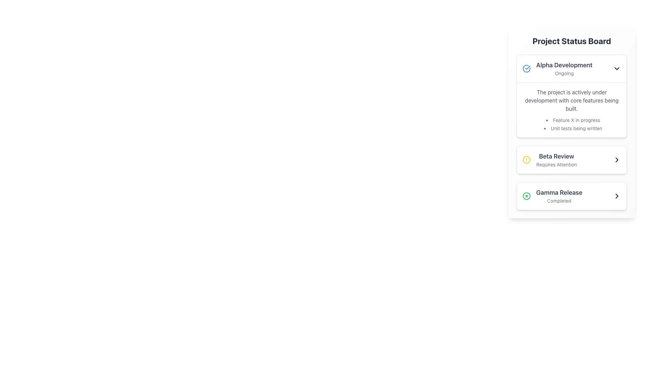 Image resolution: width=657 pixels, height=369 pixels. What do you see at coordinates (526, 196) in the screenshot?
I see `the SVG Circle with a green stroke located` at bounding box center [526, 196].